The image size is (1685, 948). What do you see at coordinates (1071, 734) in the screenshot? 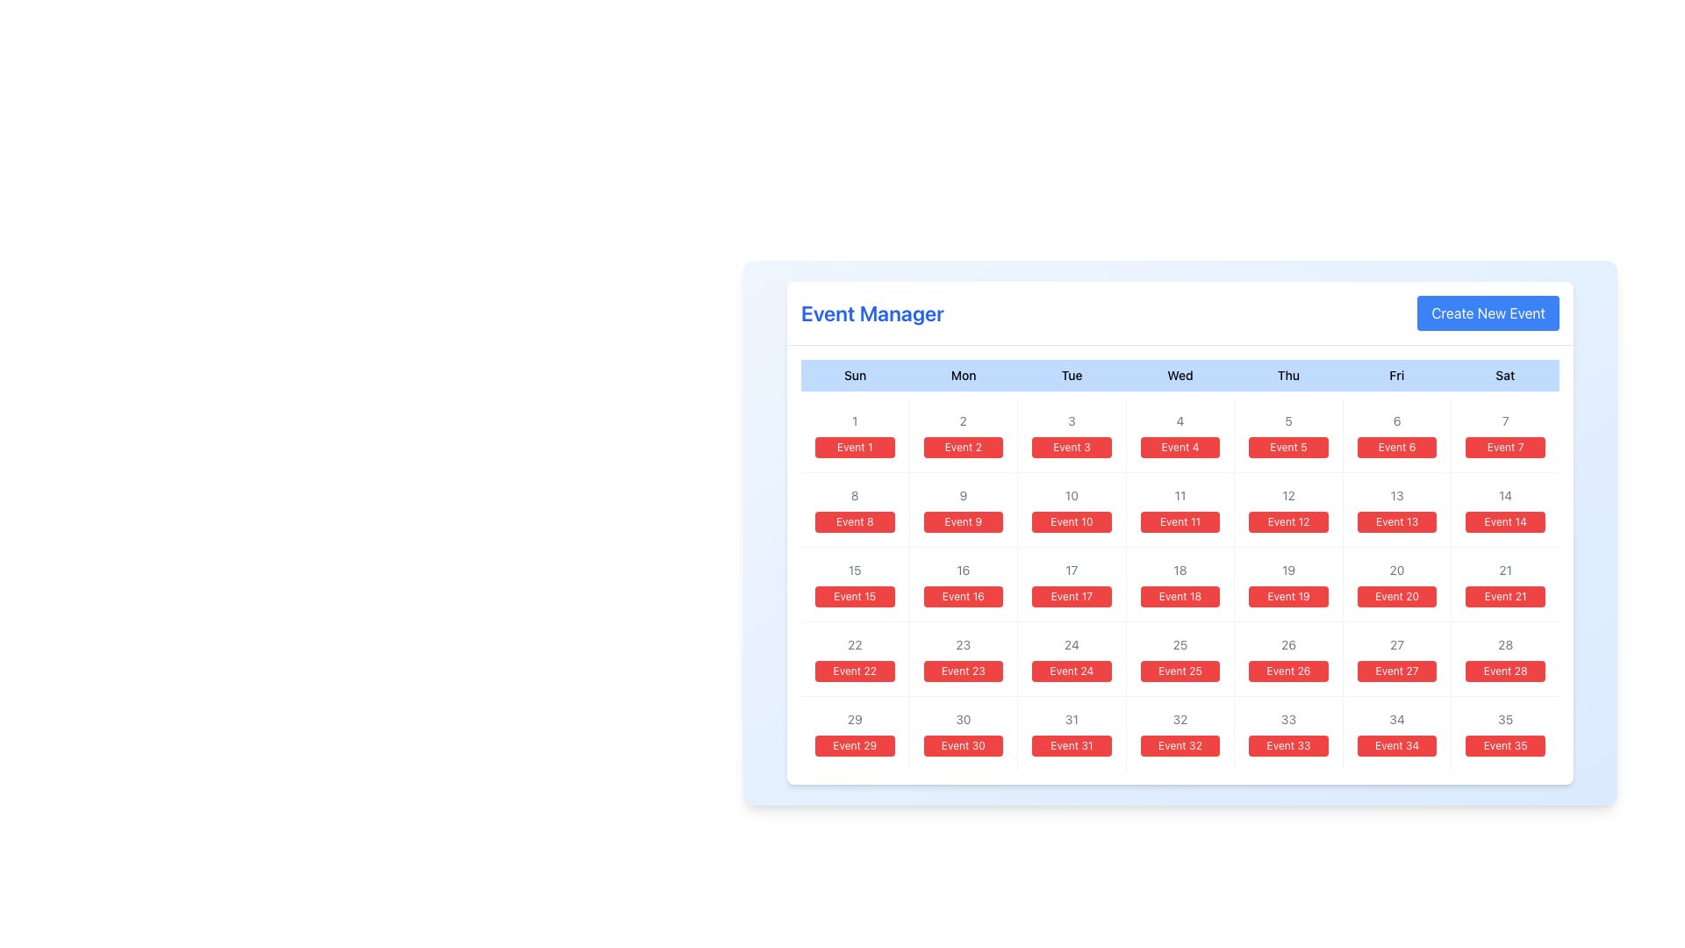
I see `the button element located in the bottom row, fifth column under the 'Event Manager' header, which serves as an interactive item for event number 31` at bounding box center [1071, 734].